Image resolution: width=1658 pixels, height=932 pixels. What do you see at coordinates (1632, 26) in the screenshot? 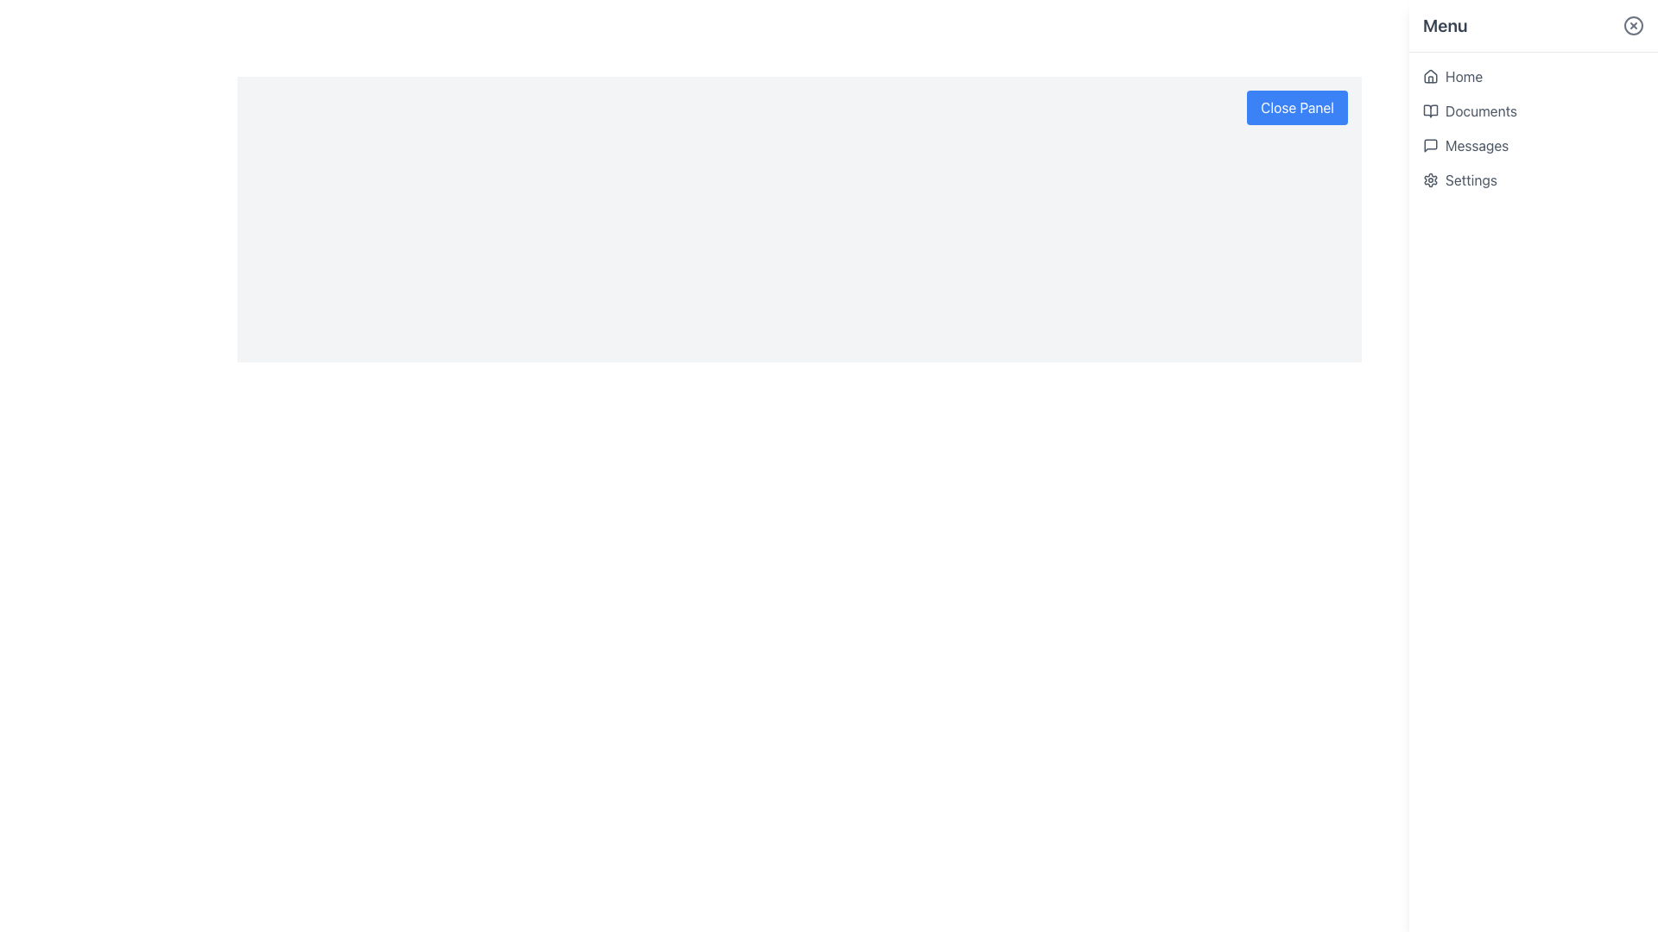
I see `the circular button with a cross inside, located at the top-right corner of the menu panel` at bounding box center [1632, 26].